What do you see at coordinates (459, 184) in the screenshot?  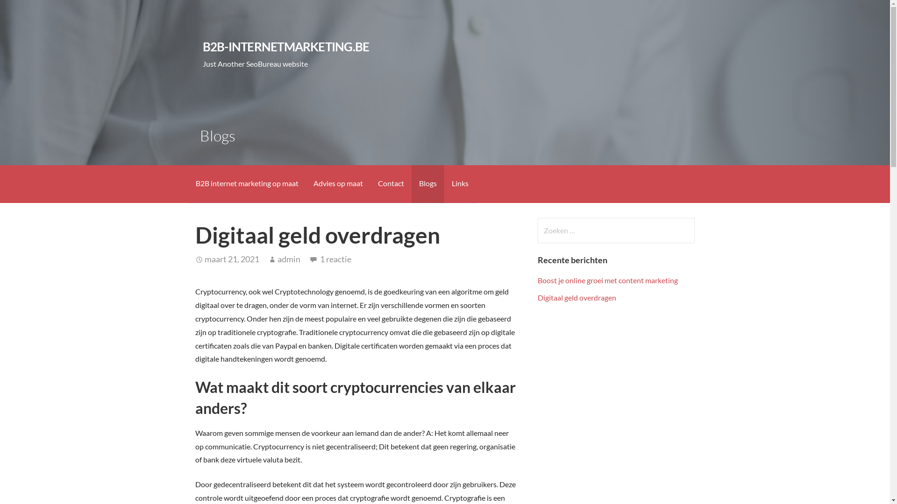 I see `'Links'` at bounding box center [459, 184].